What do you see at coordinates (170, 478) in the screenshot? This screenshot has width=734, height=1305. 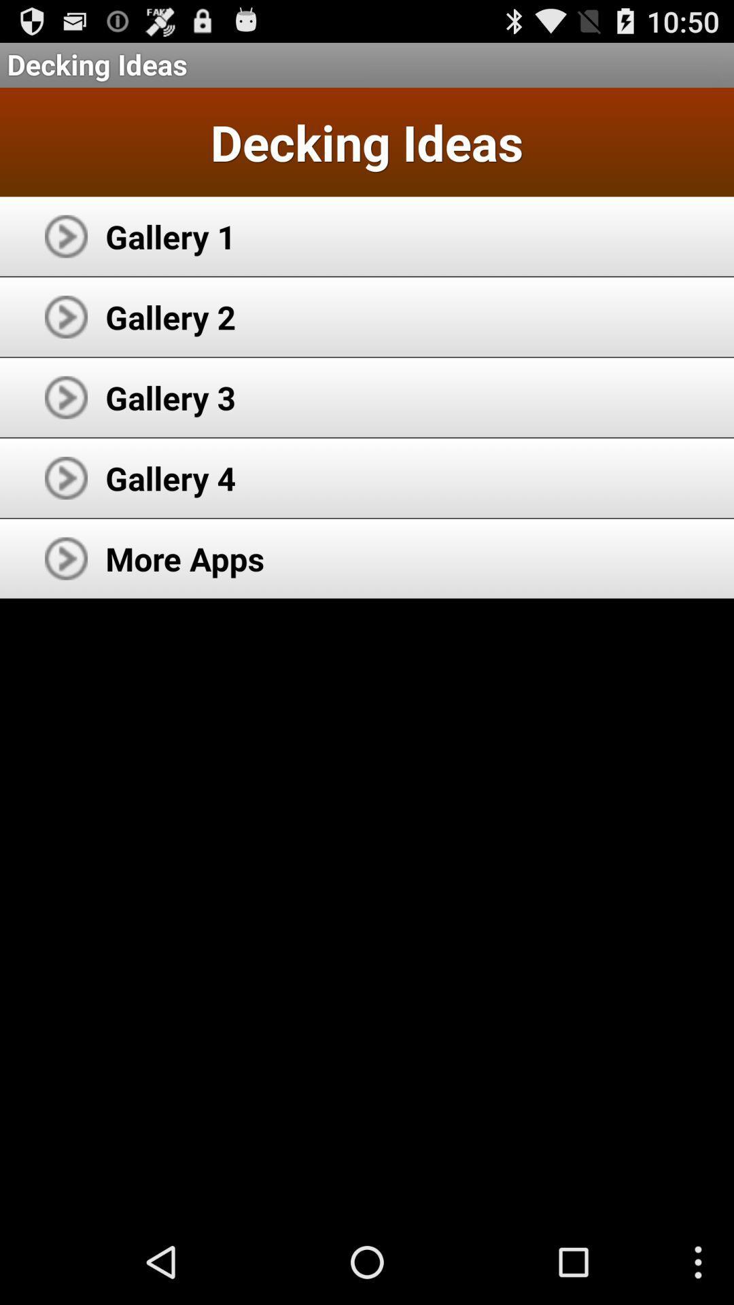 I see `gallery 4 item` at bounding box center [170, 478].